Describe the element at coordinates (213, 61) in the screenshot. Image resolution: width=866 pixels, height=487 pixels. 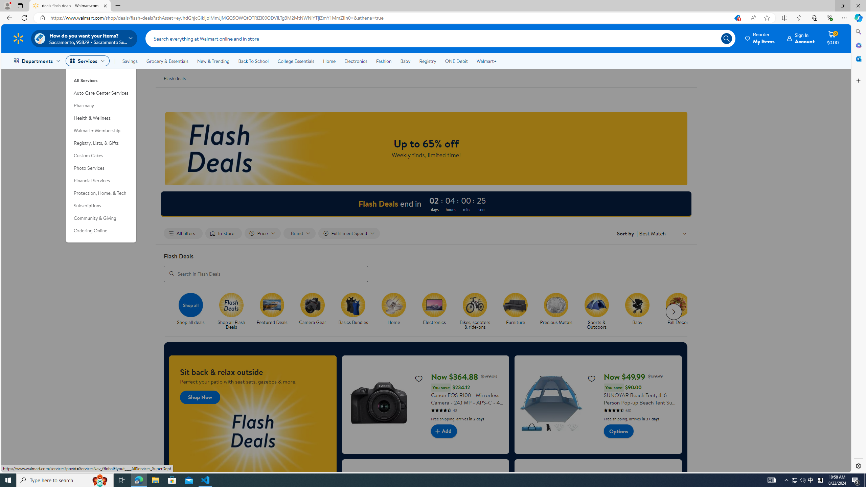
I see `'New & Trending'` at that location.